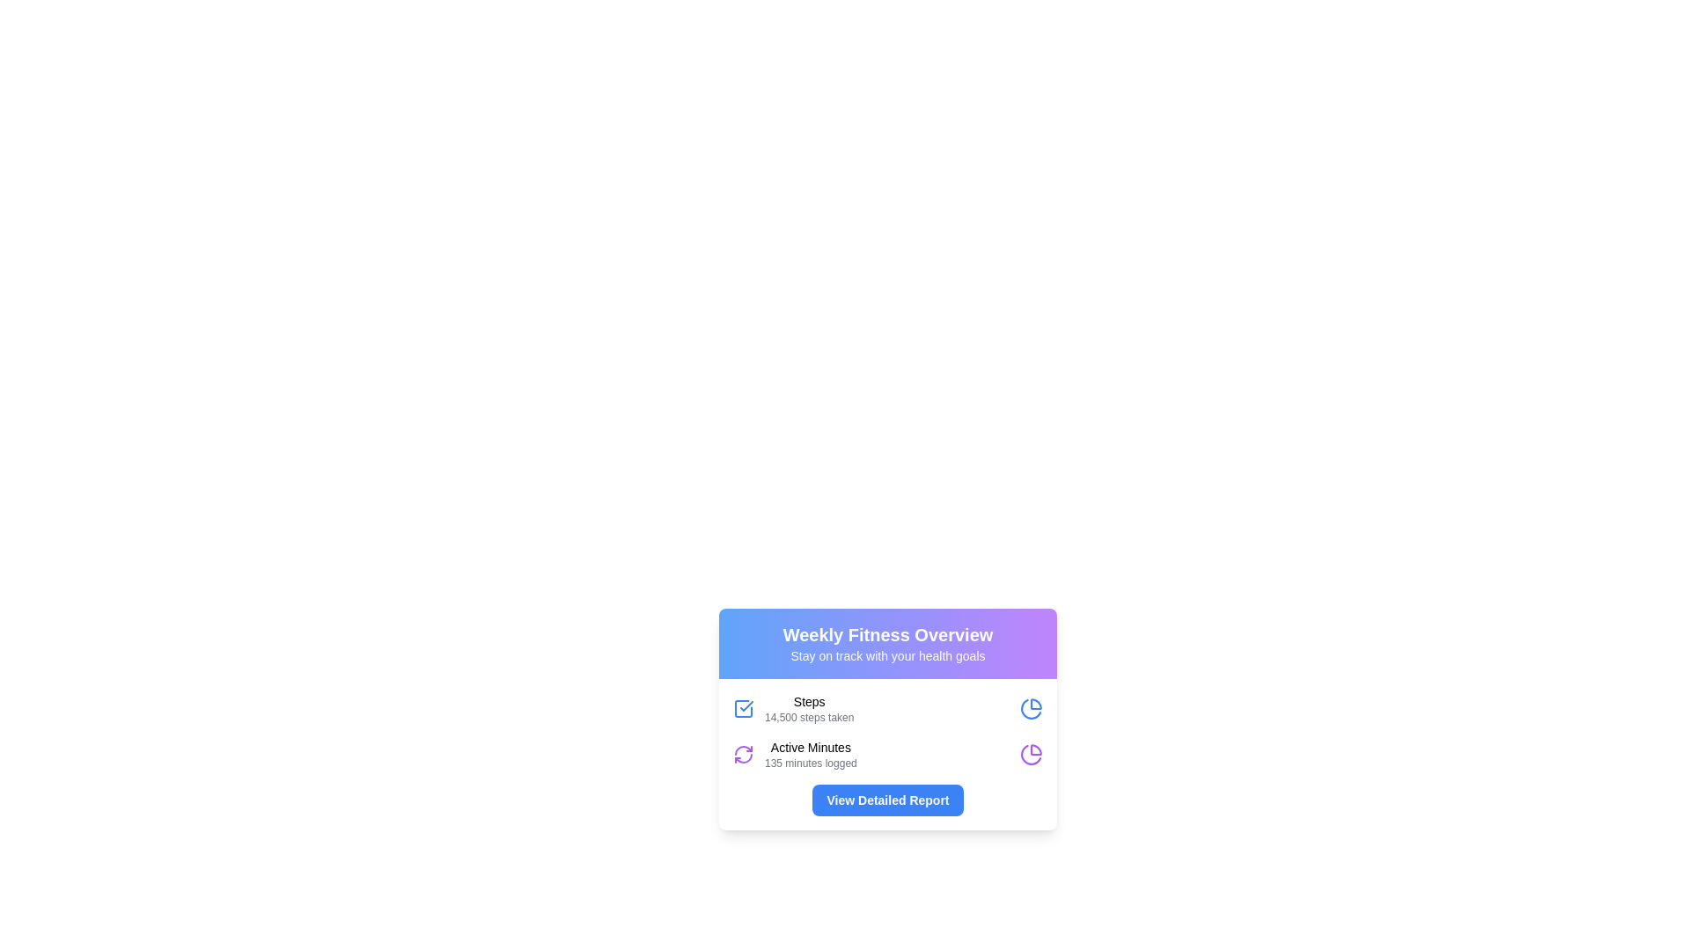  Describe the element at coordinates (792, 708) in the screenshot. I see `the Information Display element which contains a blue checkmark icon and displays 'Steps' and '14,500 steps taken' text, located in the 'Weekly Fitness Overview' card` at that location.